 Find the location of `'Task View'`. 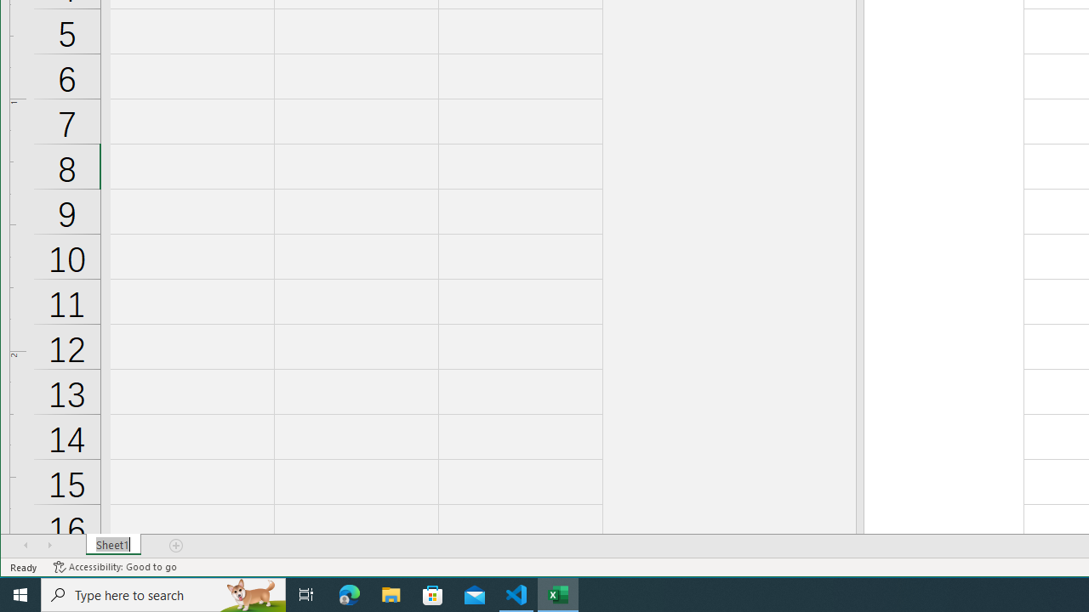

'Task View' is located at coordinates (305, 593).